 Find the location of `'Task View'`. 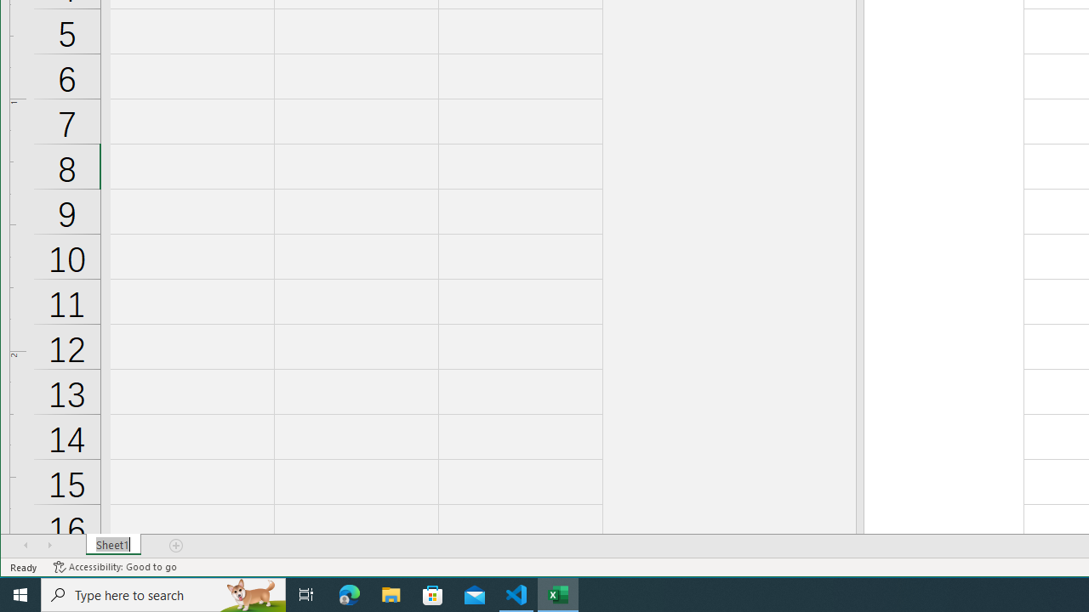

'Task View' is located at coordinates (305, 593).